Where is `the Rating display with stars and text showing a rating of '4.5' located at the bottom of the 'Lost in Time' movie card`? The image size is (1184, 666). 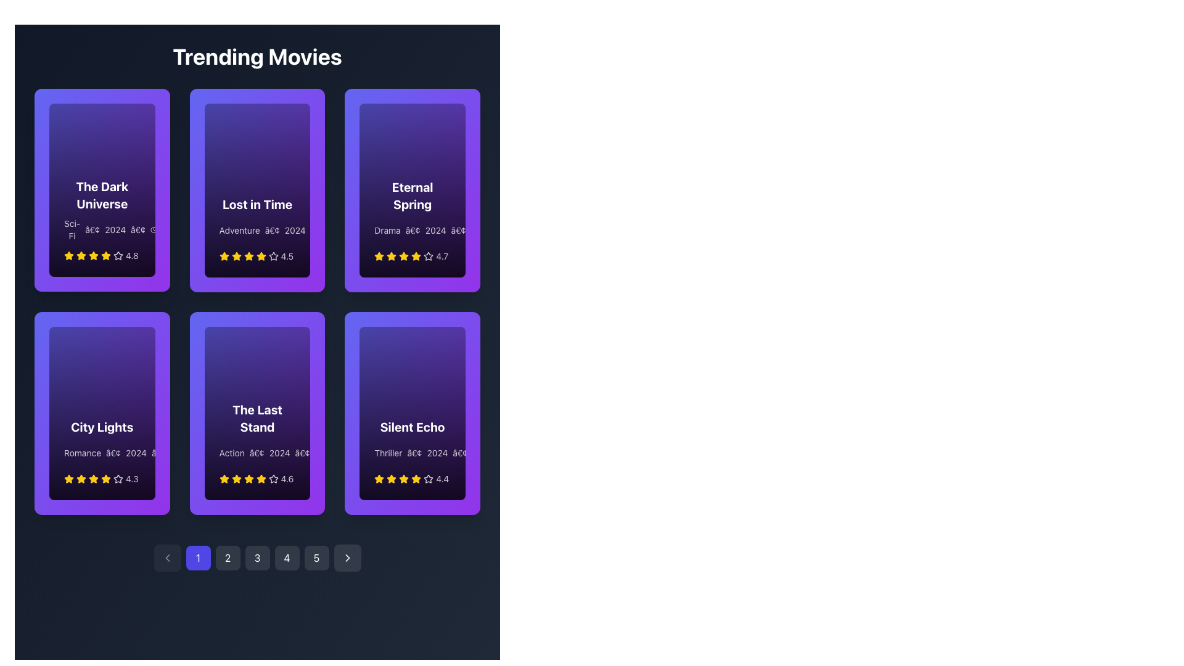
the Rating display with stars and text showing a rating of '4.5' located at the bottom of the 'Lost in Time' movie card is located at coordinates (257, 255).